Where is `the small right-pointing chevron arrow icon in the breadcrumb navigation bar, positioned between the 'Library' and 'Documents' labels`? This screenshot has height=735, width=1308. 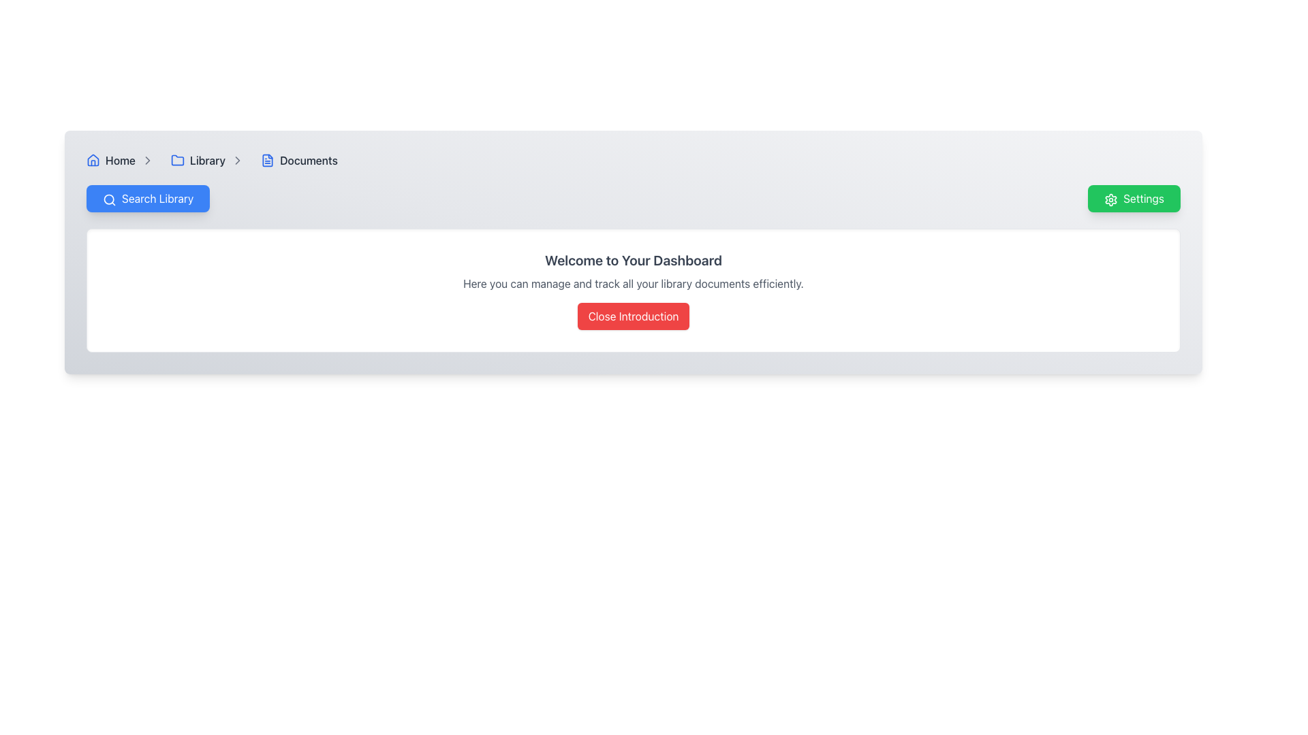 the small right-pointing chevron arrow icon in the breadcrumb navigation bar, positioned between the 'Library' and 'Documents' labels is located at coordinates (147, 159).